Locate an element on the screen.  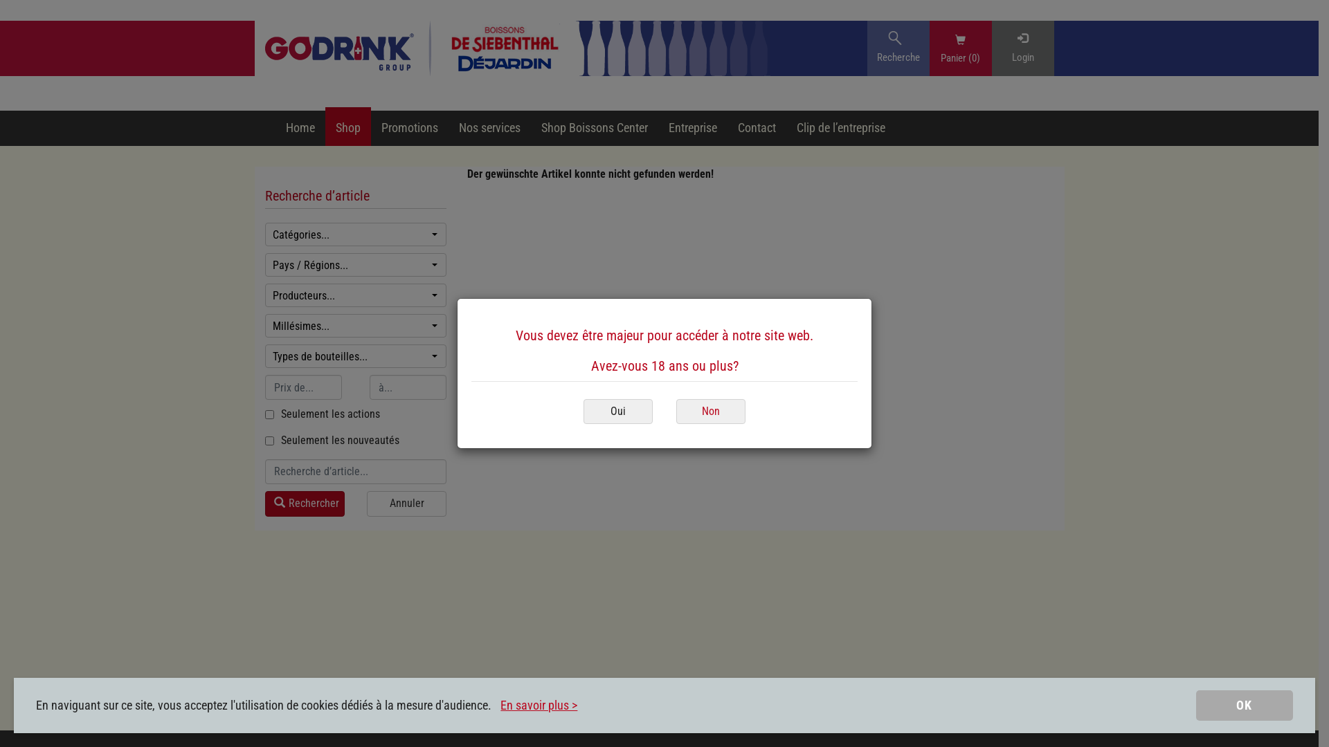
'Nos services' is located at coordinates (489, 128).